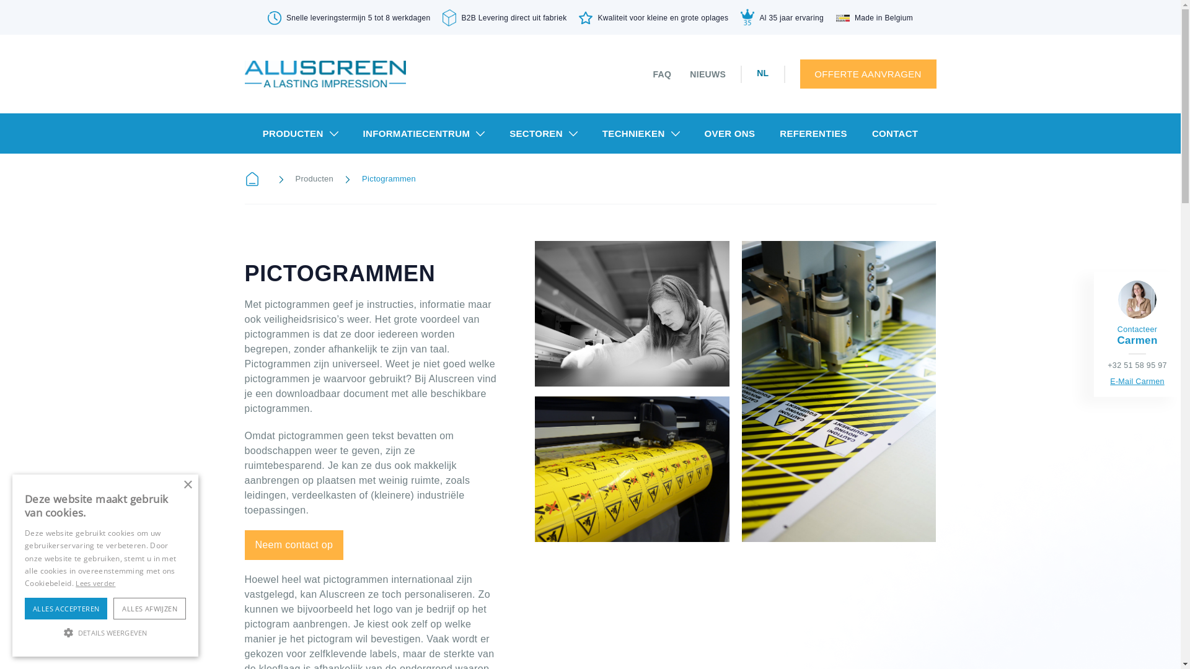 The image size is (1190, 669). What do you see at coordinates (1137, 381) in the screenshot?
I see `'E-Mail Carmen'` at bounding box center [1137, 381].